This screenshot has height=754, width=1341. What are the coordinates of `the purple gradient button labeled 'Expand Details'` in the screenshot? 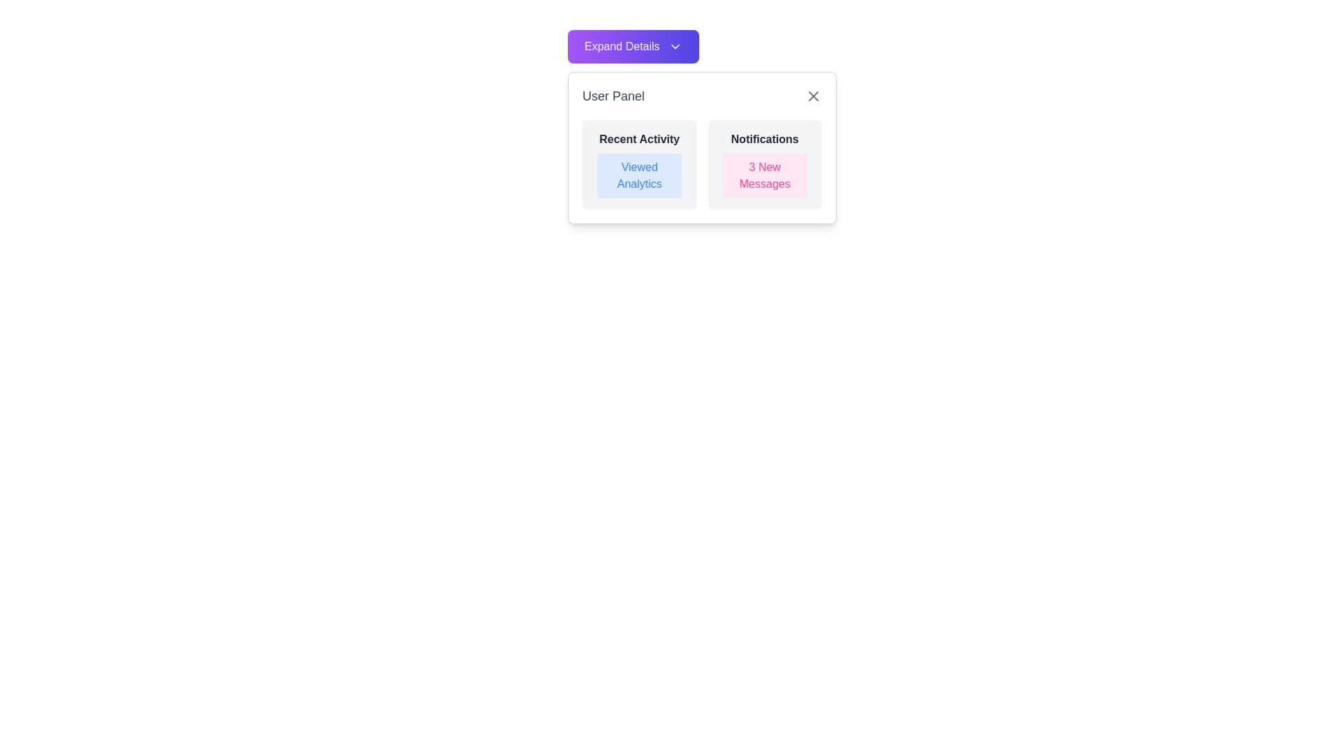 It's located at (702, 45).